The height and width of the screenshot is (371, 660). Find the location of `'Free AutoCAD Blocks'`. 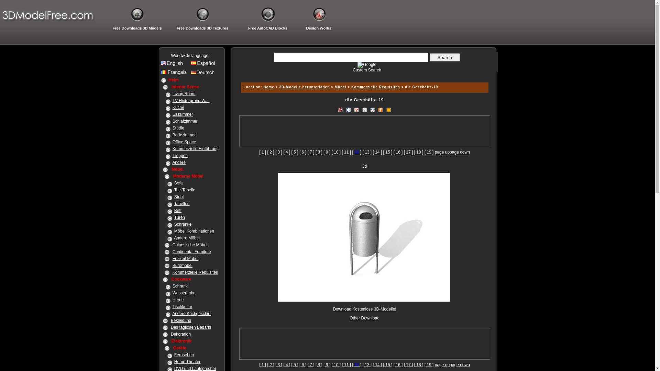

'Free AutoCAD Blocks' is located at coordinates (267, 27).